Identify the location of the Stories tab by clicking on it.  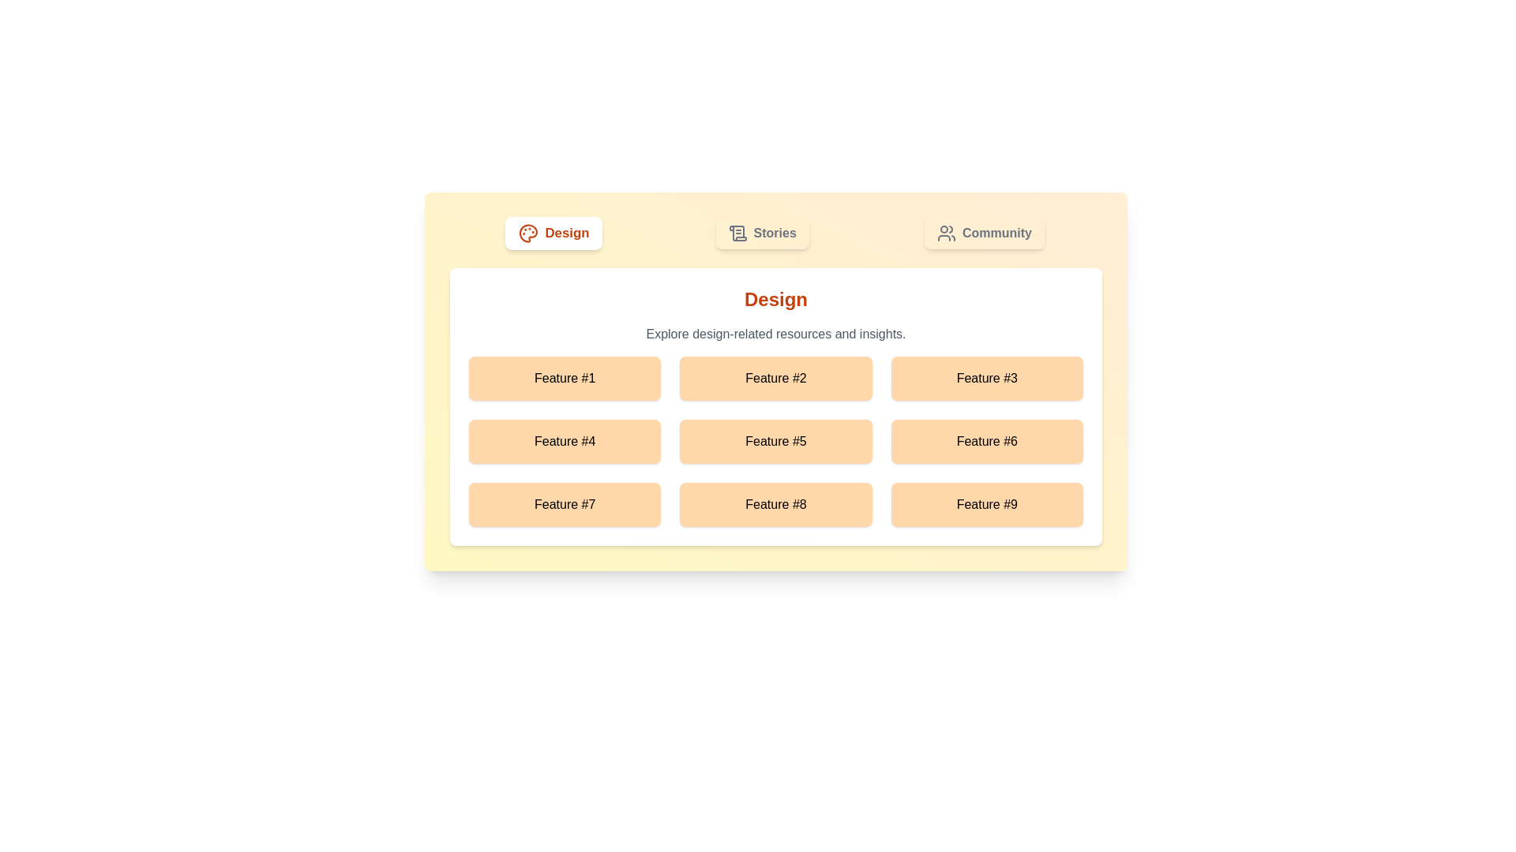
(762, 234).